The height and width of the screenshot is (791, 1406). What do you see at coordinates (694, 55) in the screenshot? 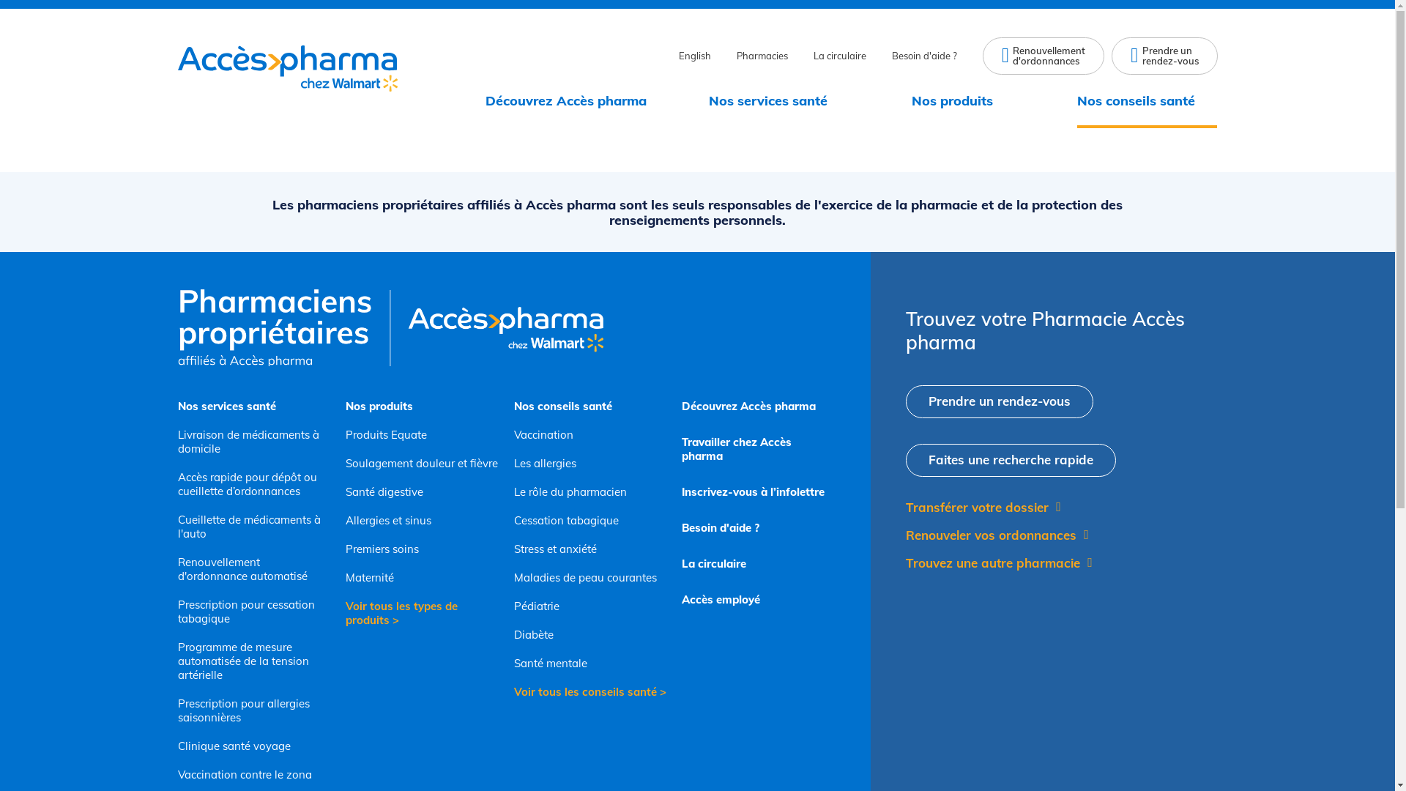
I see `'English'` at bounding box center [694, 55].